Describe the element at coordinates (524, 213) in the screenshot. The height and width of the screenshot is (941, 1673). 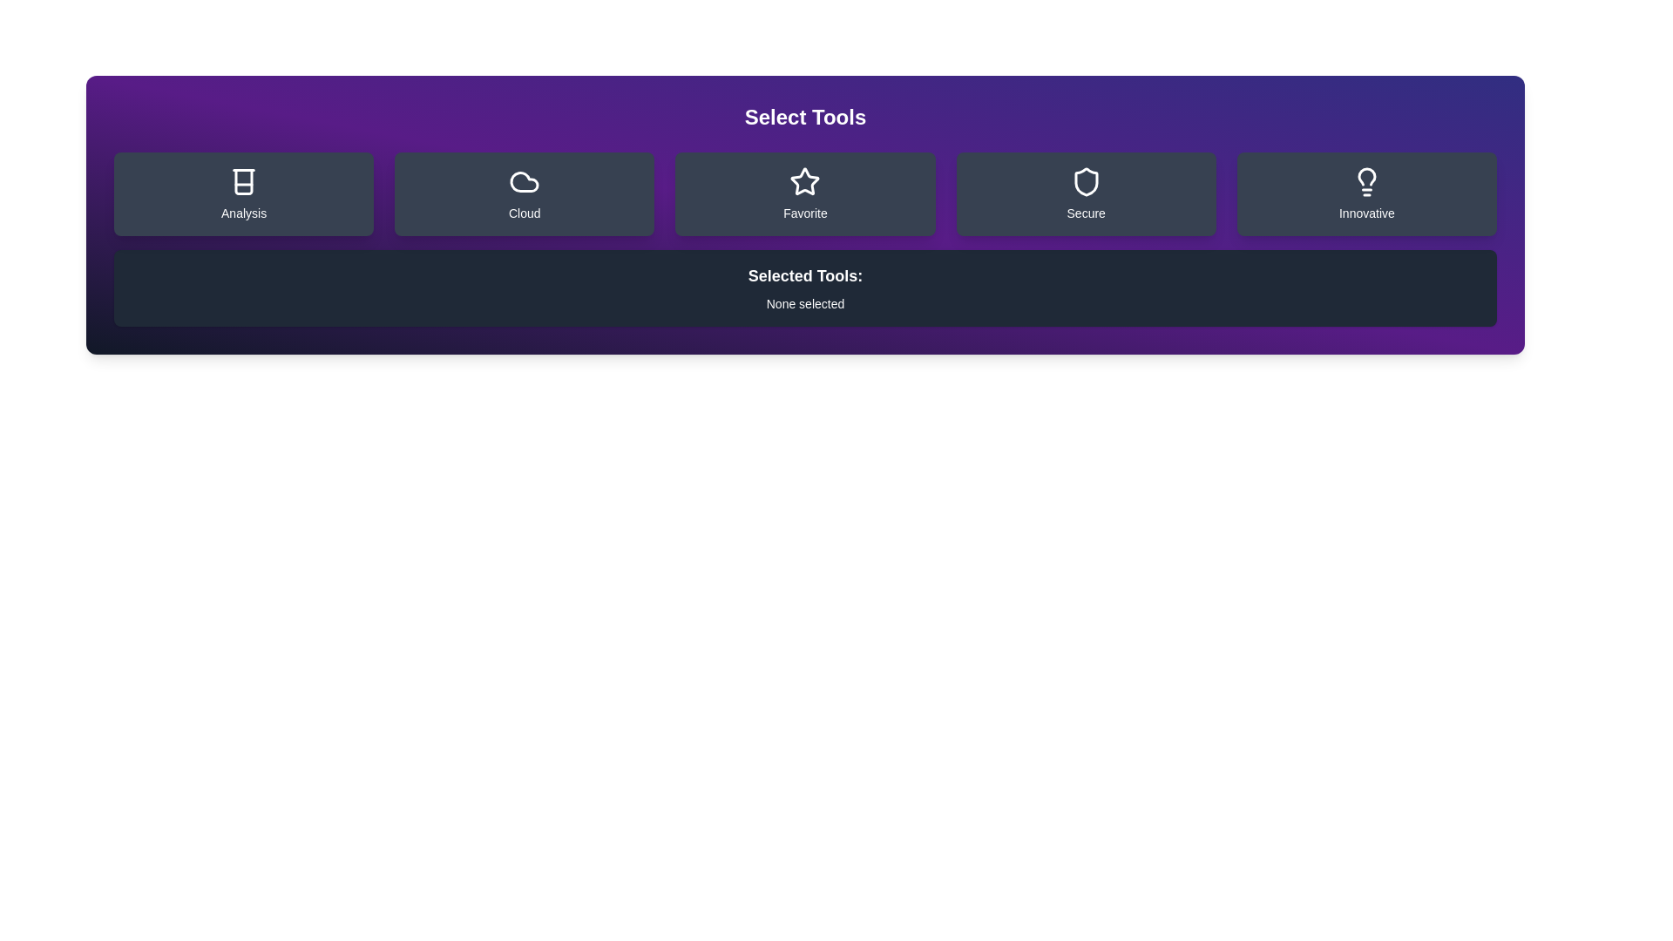
I see `descriptive label text located at the center of the 'Cloud' button, which provides users with information about the button's function` at that location.